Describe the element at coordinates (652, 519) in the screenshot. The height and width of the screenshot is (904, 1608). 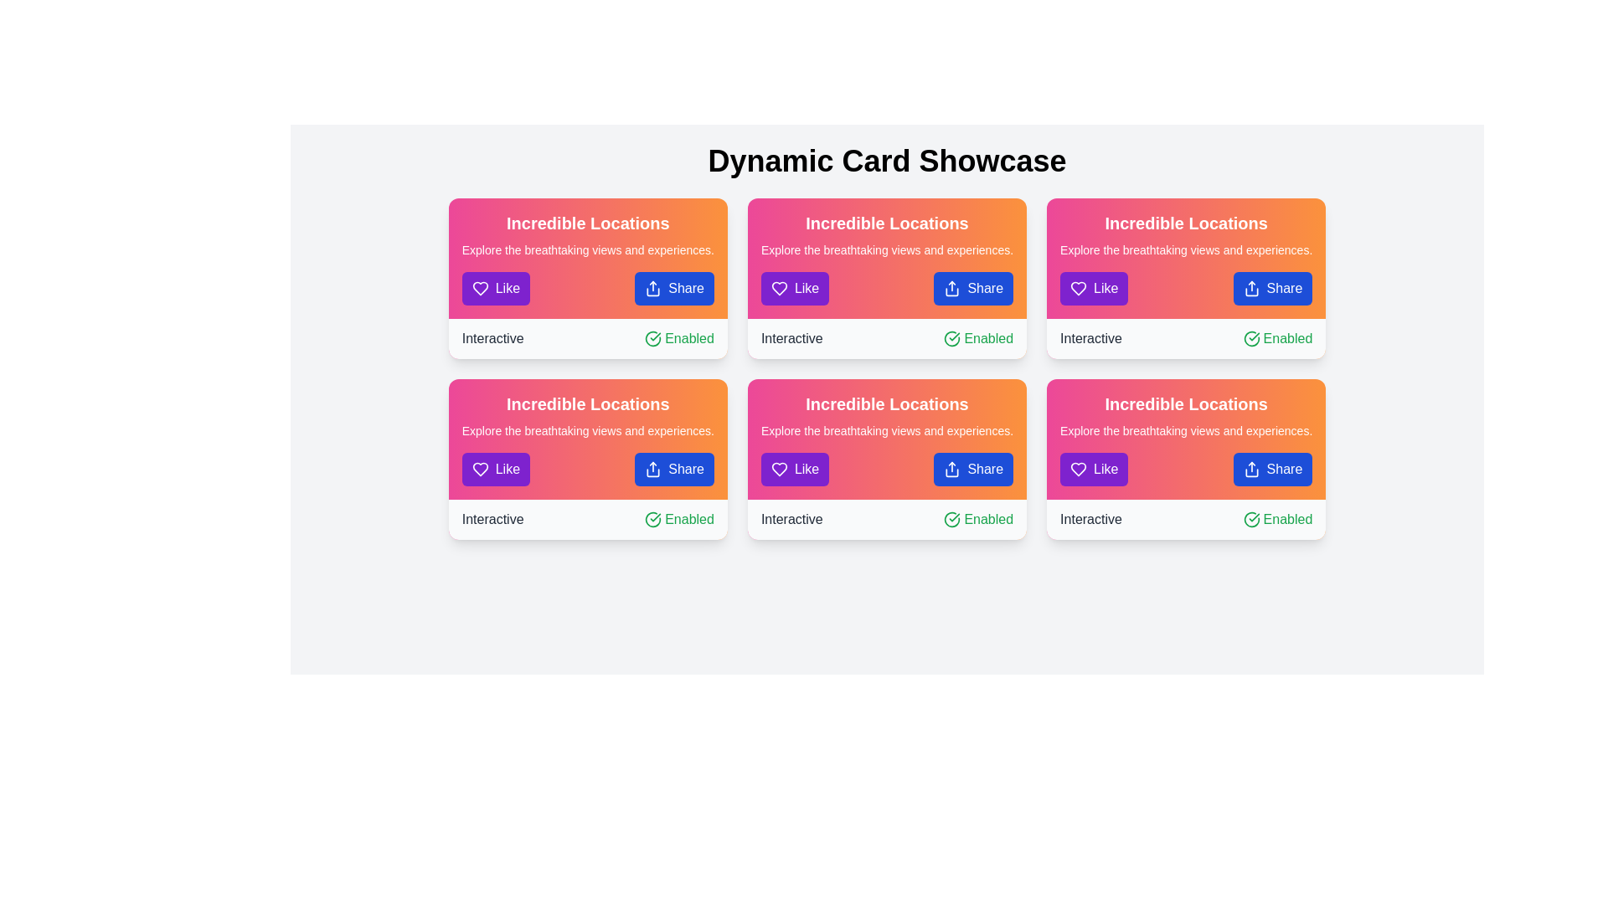
I see `the circular checkmark icon with a green stroke located in the bottom right area of the orange and pink card, adjacent to the 'Enabled' label` at that location.